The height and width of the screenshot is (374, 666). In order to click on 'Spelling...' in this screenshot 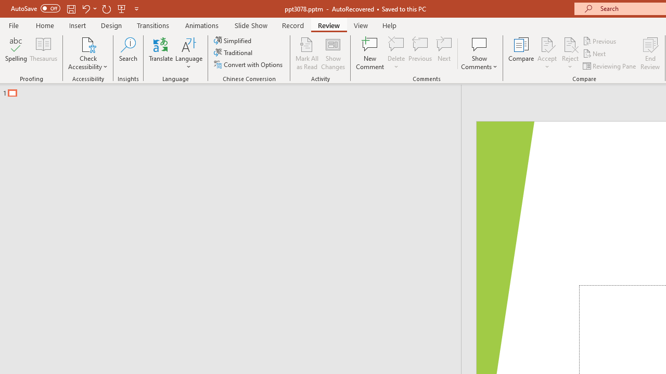, I will do `click(16, 54)`.